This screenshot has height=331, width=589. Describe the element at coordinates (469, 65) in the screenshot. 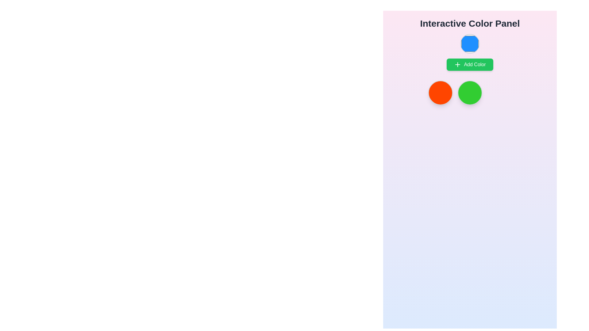

I see `the button that initiates the addition process, located below the circular color picker and above two circular colored buttons` at that location.